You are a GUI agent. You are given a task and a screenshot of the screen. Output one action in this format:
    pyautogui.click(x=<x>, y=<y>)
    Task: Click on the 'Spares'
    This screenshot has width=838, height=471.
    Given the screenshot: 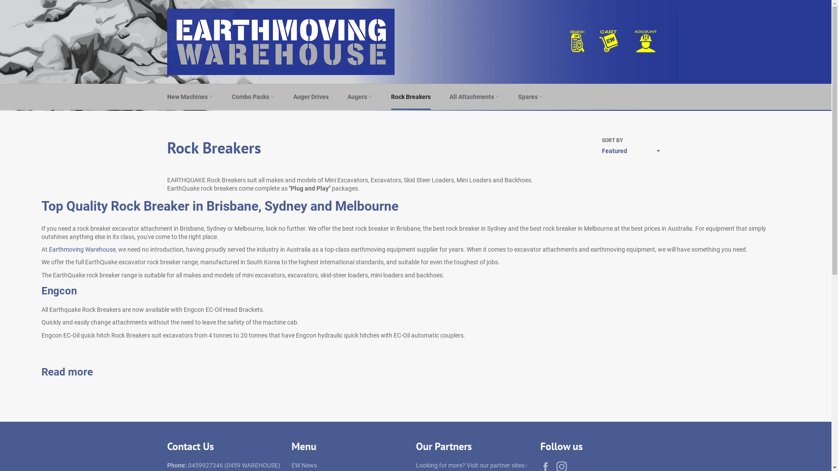 What is the action you would take?
    pyautogui.click(x=529, y=97)
    